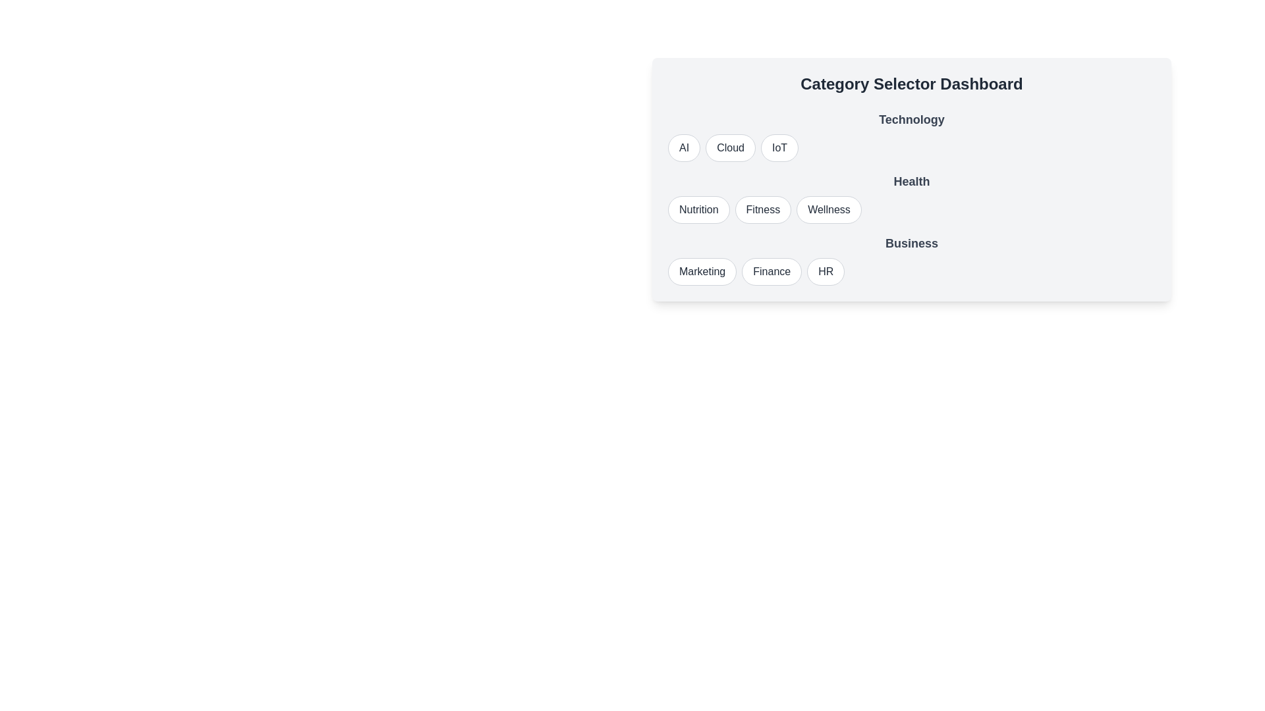 The image size is (1265, 711). I want to click on the option AI from the category Technology, so click(684, 147).